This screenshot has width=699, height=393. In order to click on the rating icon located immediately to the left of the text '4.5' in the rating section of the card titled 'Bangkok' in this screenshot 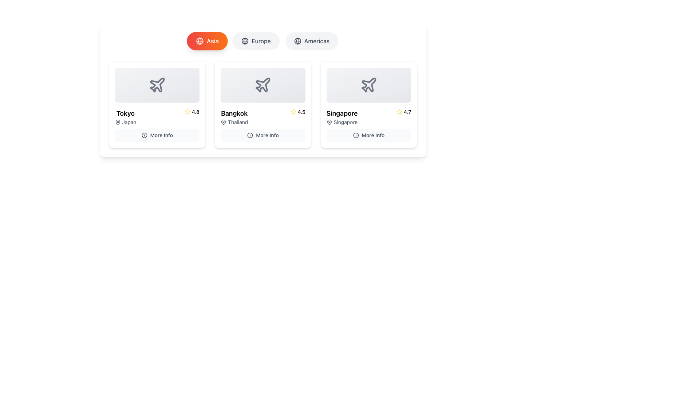, I will do `click(293, 112)`.